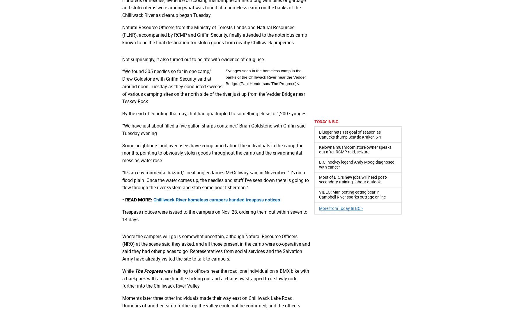  I want to click on 'Kelowna mushroom store owner speaks out after RCMP raid, seizure', so click(355, 149).